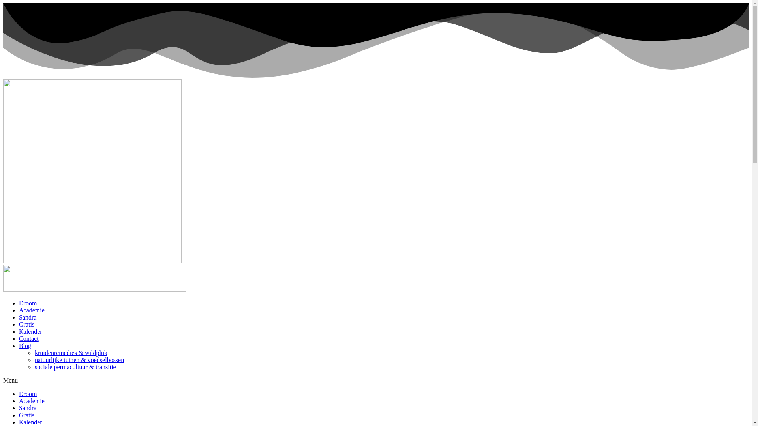  Describe the element at coordinates (19, 401) in the screenshot. I see `'Academie'` at that location.